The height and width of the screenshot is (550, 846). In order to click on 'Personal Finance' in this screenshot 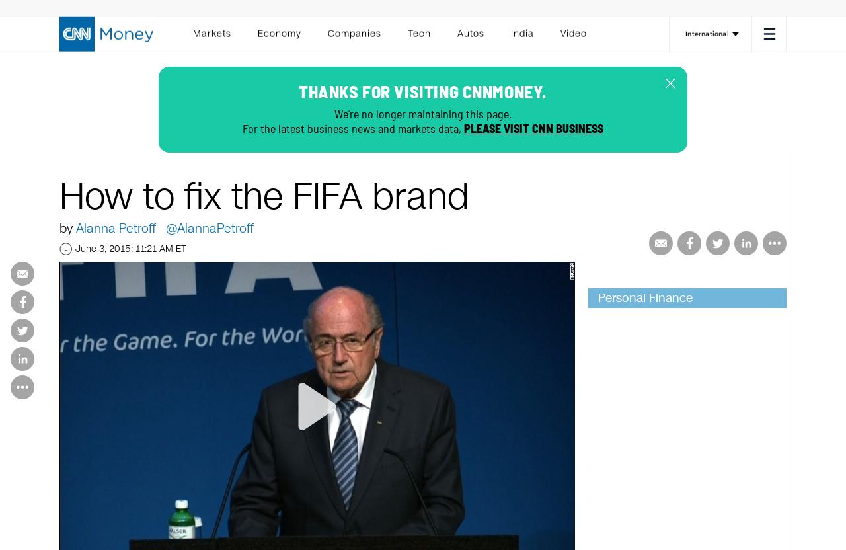, I will do `click(645, 298)`.